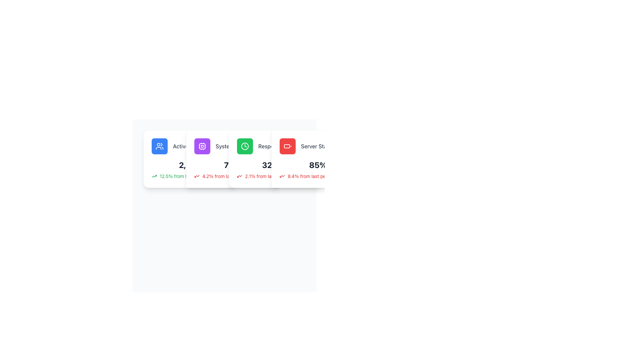 The width and height of the screenshot is (640, 360). I want to click on the 'Server Status' label, which is a medium-weight gray text label located to the right of a red battery icon, so click(317, 146).